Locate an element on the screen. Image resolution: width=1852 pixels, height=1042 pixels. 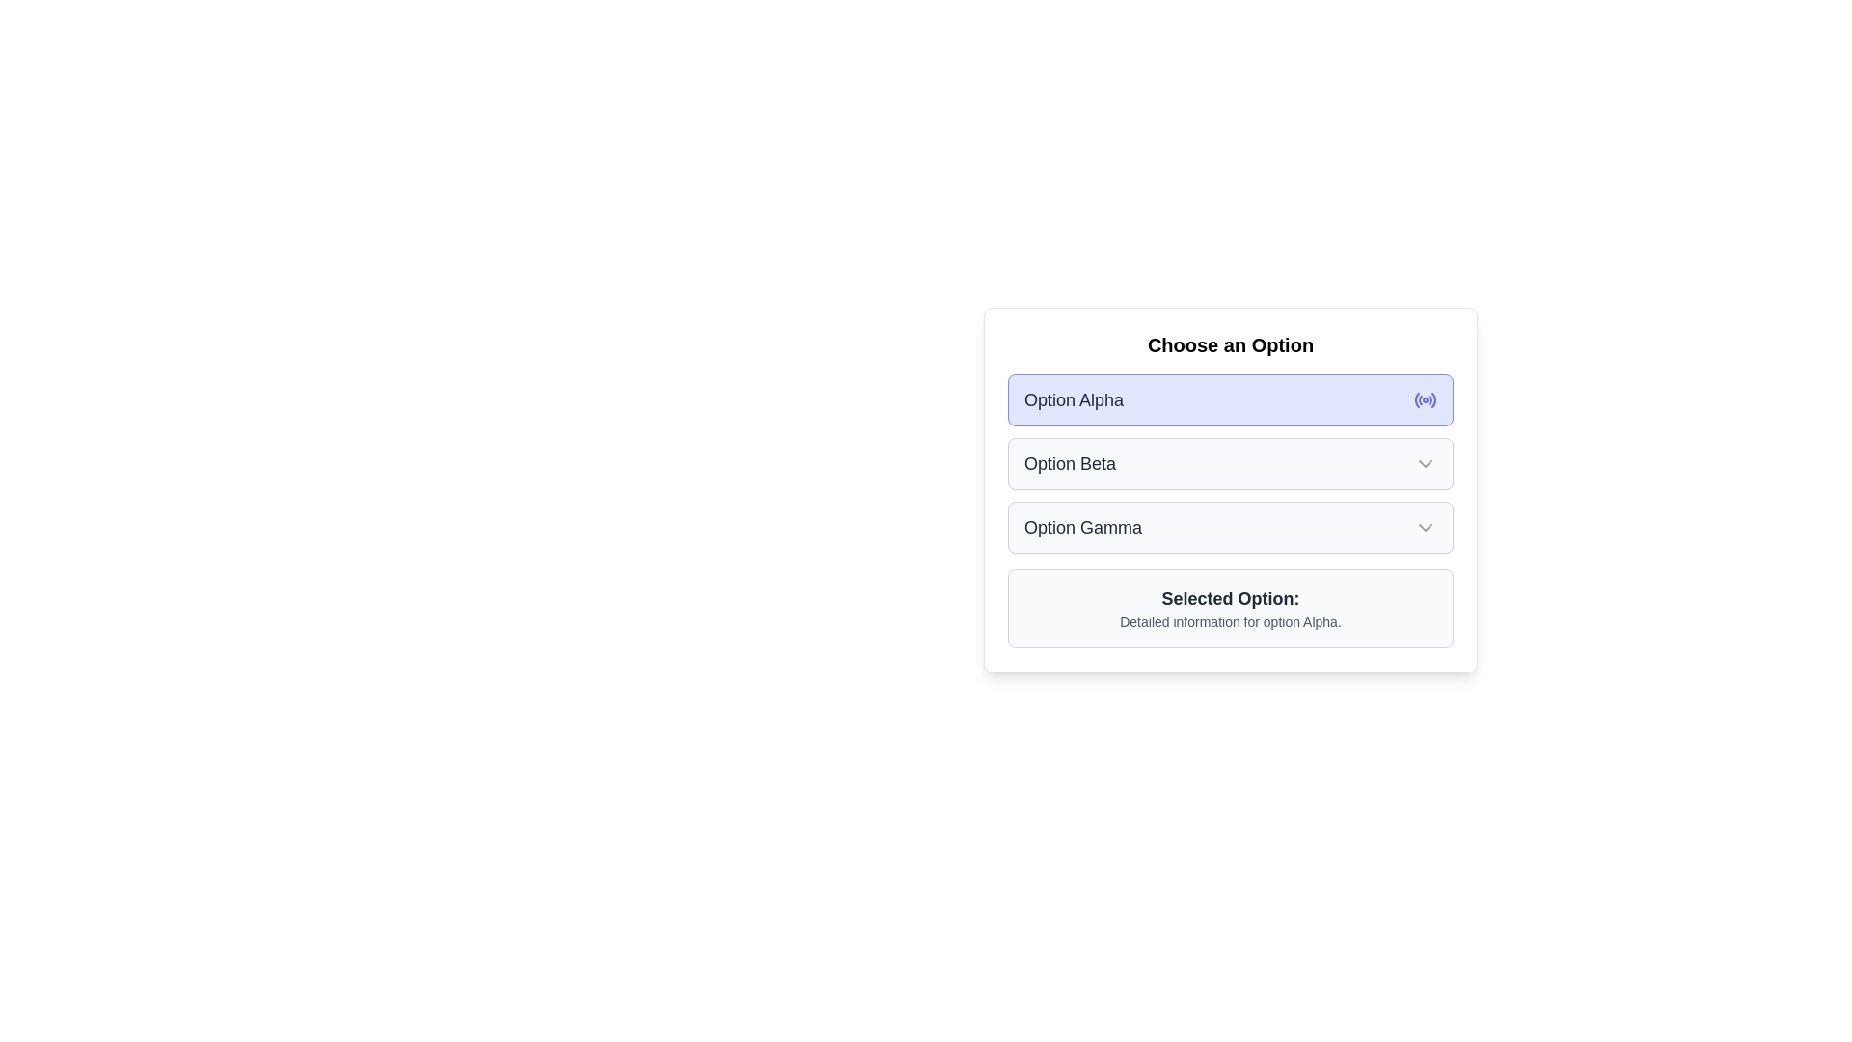
the second option labeled 'Option Beta' in the Interactive selection card with stacked options and a display section is located at coordinates (1230, 489).